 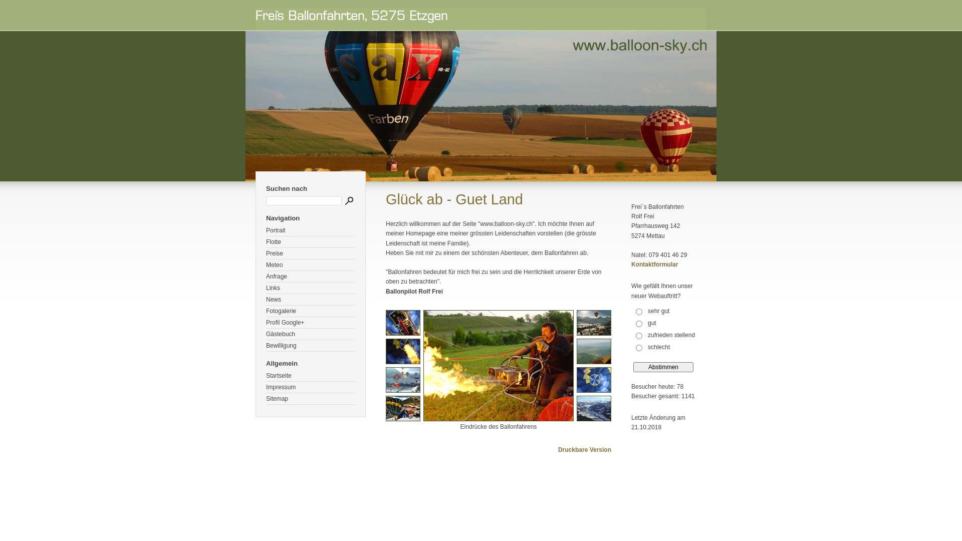 I want to click on 'Sitemap', so click(x=310, y=398).